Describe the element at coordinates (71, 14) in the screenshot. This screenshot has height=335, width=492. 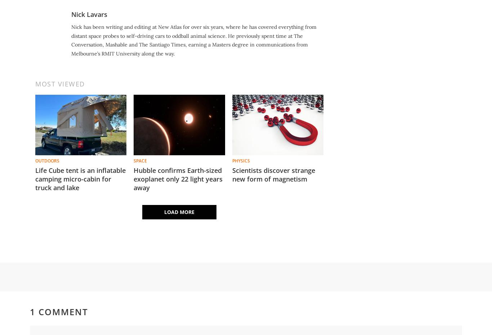
I see `'Nick Lavars'` at that location.